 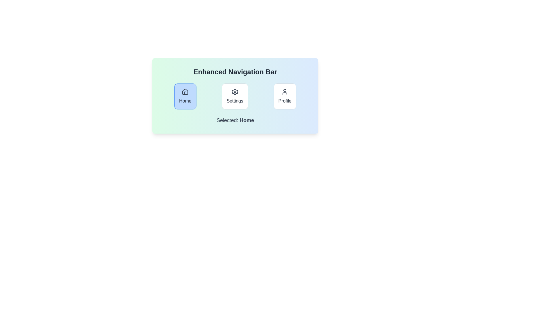 I want to click on the 'Profile' button with a profile icon in the Enhanced Navigation Bar, so click(x=285, y=96).